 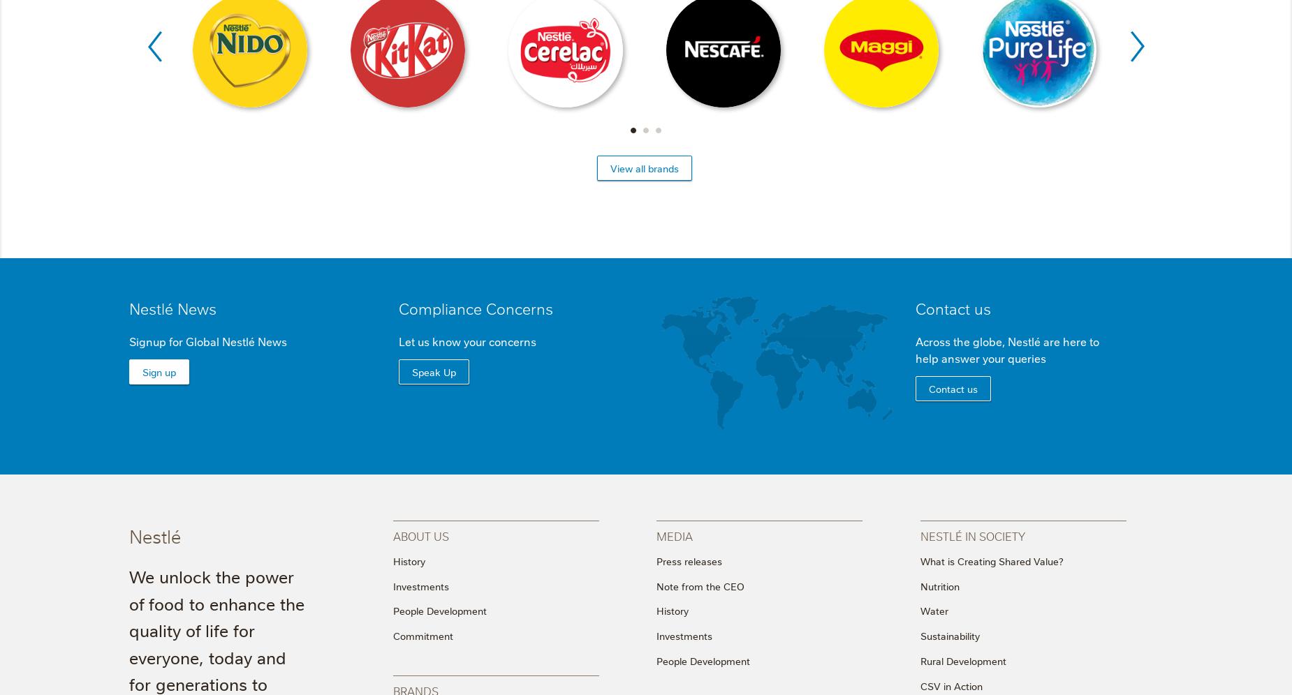 I want to click on 'Press releases', so click(x=688, y=559).